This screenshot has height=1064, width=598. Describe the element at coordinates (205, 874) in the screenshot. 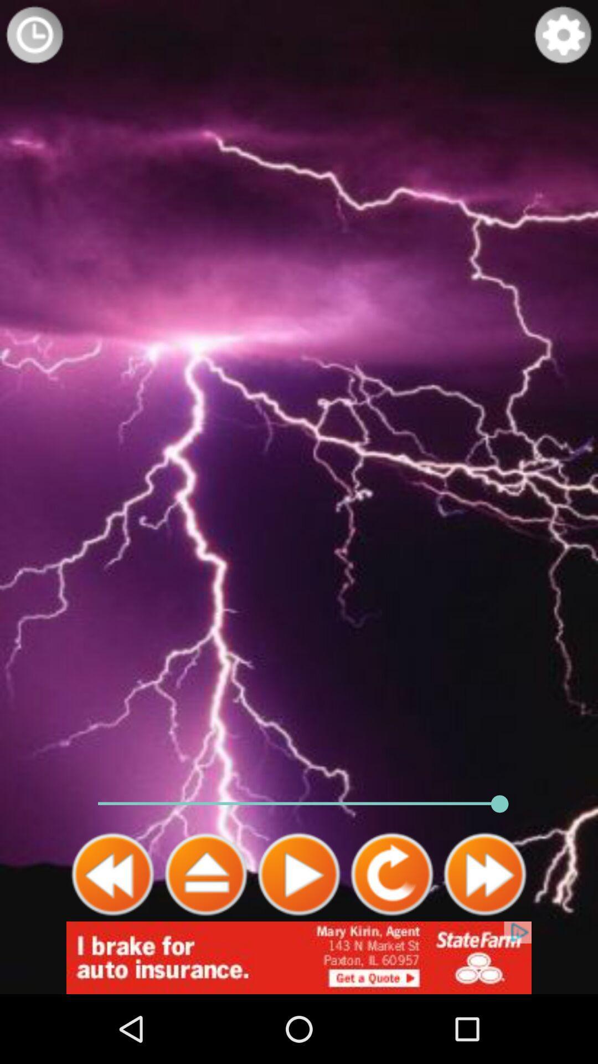

I see `pause` at that location.